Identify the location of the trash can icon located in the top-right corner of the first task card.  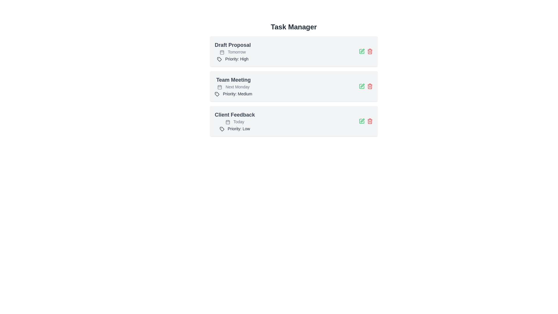
(369, 51).